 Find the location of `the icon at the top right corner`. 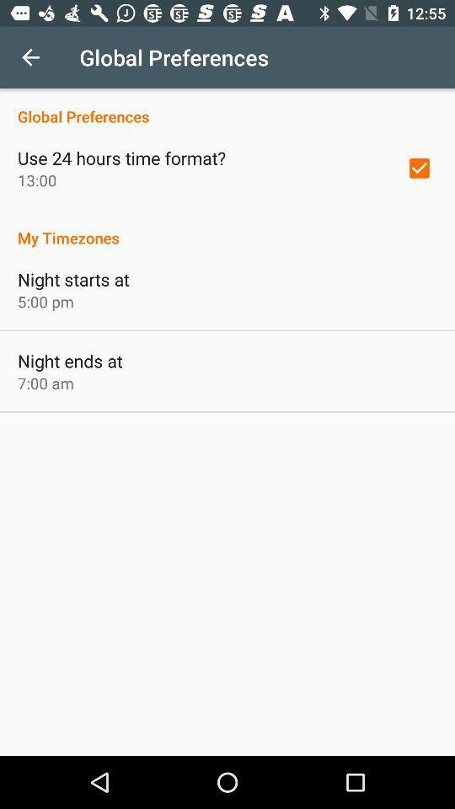

the icon at the top right corner is located at coordinates (418, 168).